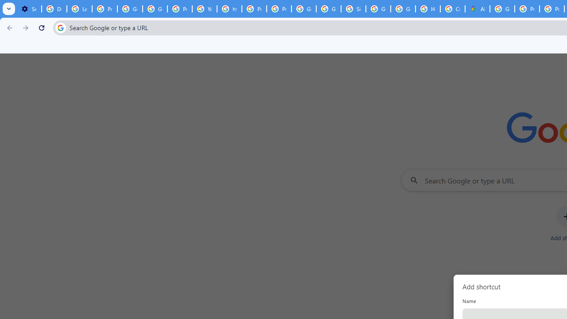  I want to click on 'Sign in - Google Accounts', so click(353, 9).